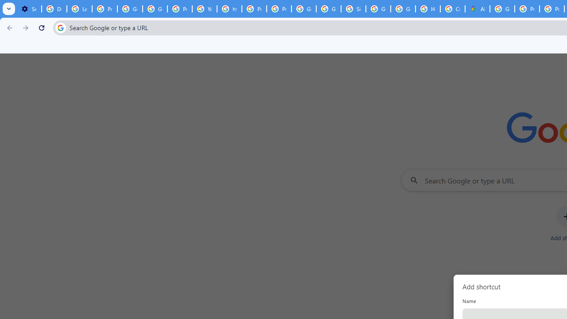  I want to click on 'Sign in - Google Accounts', so click(353, 9).